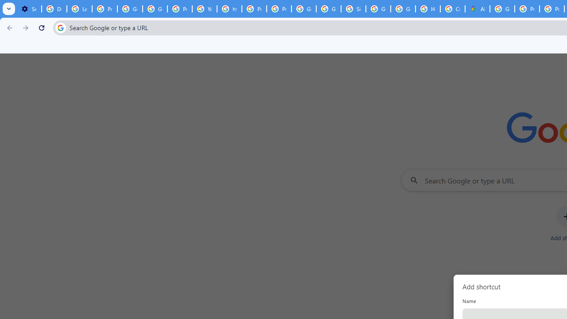  I want to click on 'Sign in - Google Accounts', so click(353, 9).